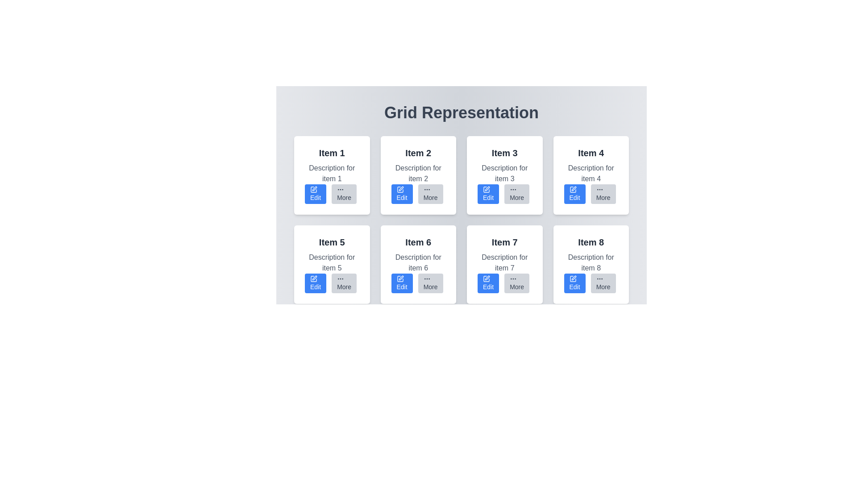  I want to click on the 'Edit' button with a blue background and a pencil icon to initiate editing, so click(401, 194).